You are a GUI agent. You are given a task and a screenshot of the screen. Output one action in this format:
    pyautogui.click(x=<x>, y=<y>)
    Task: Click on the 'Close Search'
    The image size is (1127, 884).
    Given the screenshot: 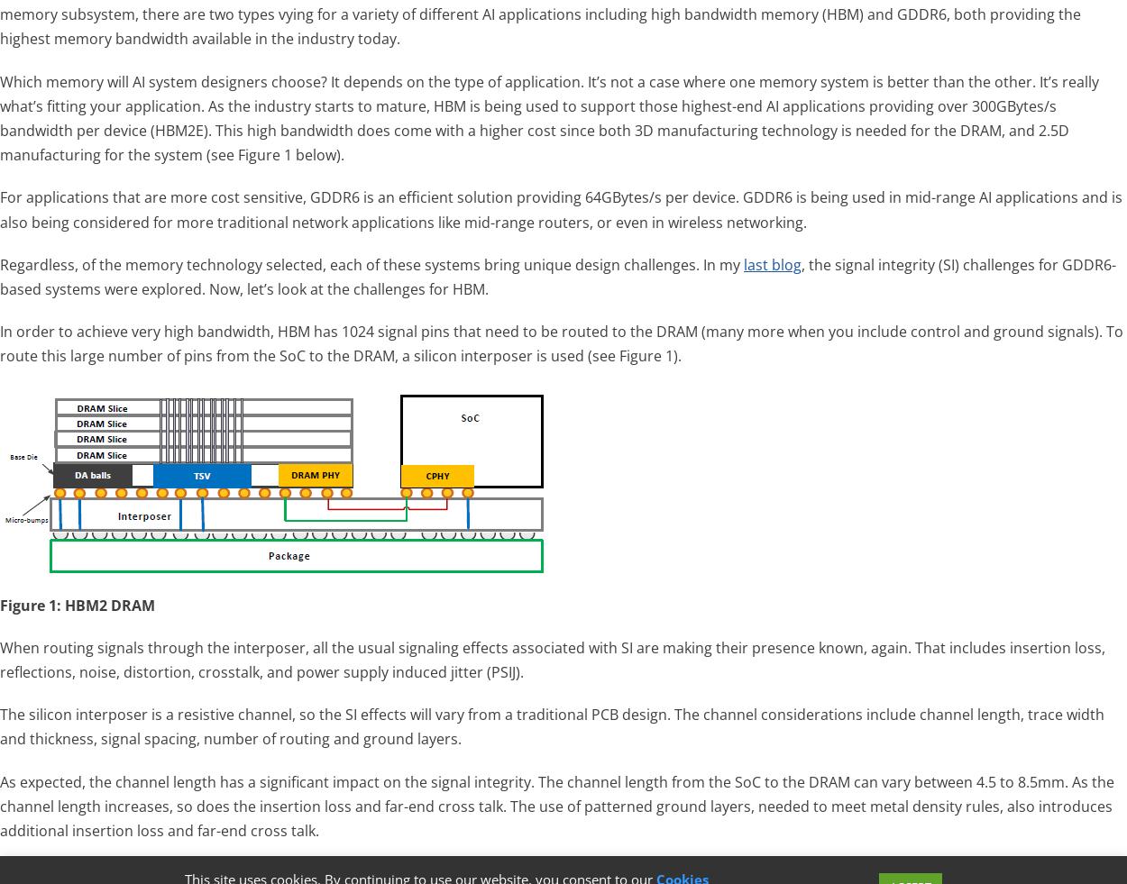 What is the action you would take?
    pyautogui.click(x=1064, y=820)
    